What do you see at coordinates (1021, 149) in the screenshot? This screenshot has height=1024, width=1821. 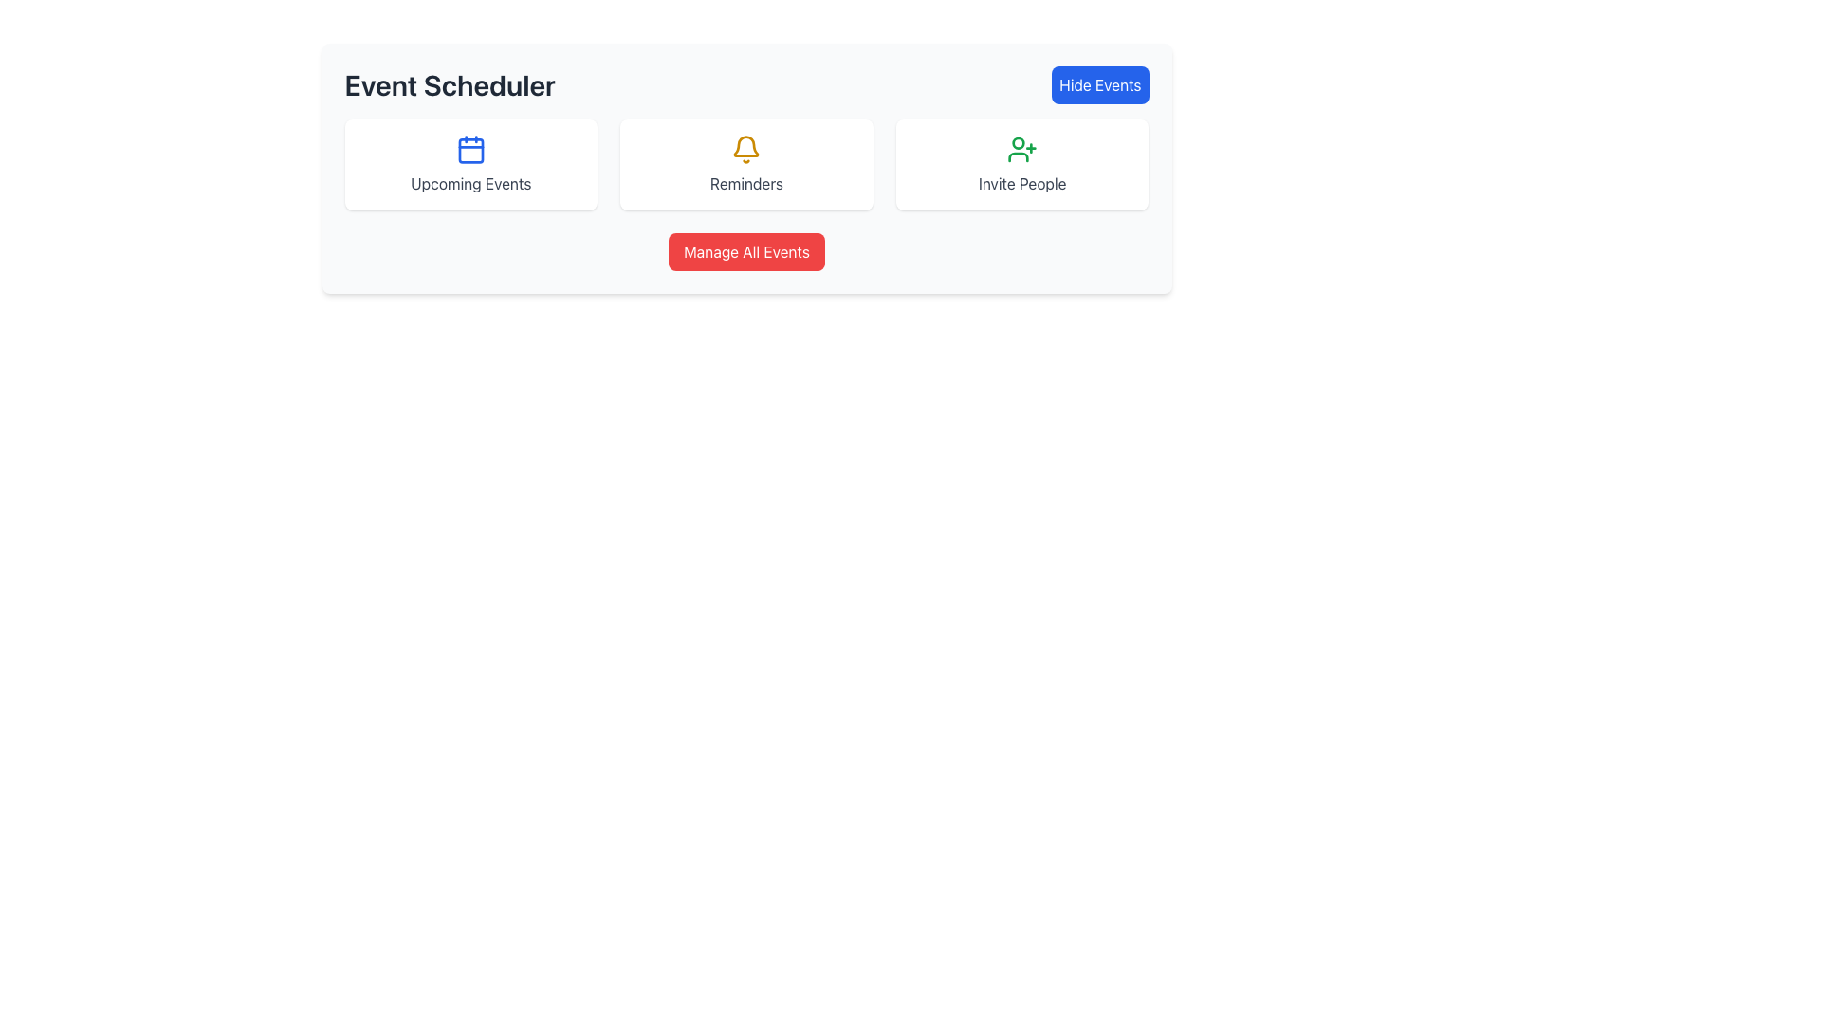 I see `the icon located in the 'Invite People' card, positioned above the text label, to initiate user invitation` at bounding box center [1021, 149].